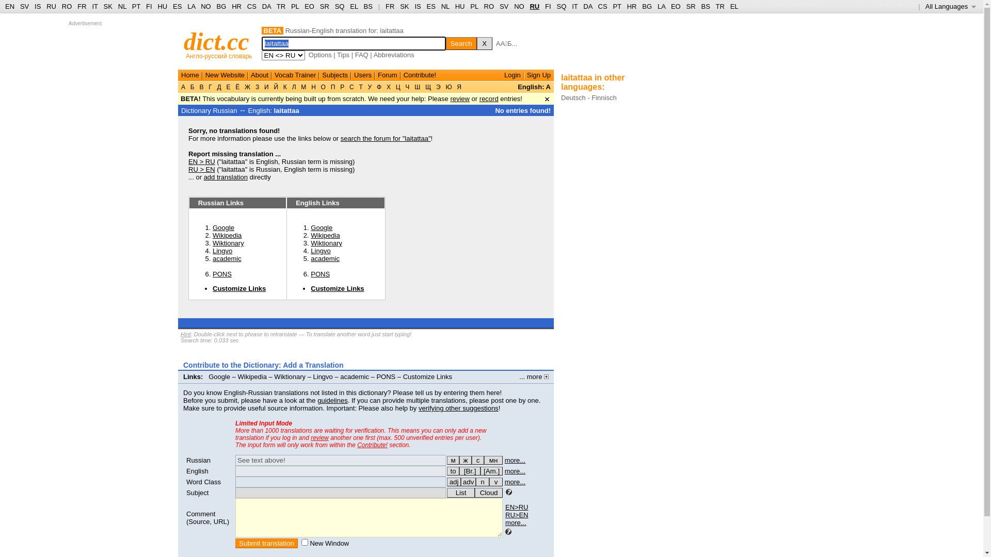  What do you see at coordinates (321, 227) in the screenshot?
I see `'Google'` at bounding box center [321, 227].